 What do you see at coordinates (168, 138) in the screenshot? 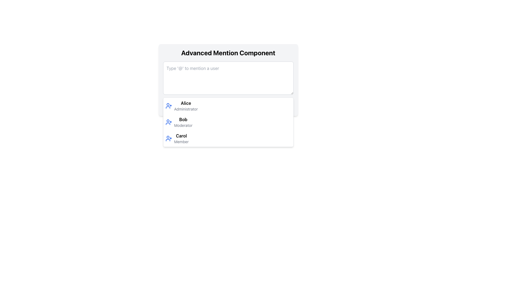
I see `the blue person icon with a plus sign located to the left of the text 'Carol' in the third list item of the dropdown panel` at bounding box center [168, 138].